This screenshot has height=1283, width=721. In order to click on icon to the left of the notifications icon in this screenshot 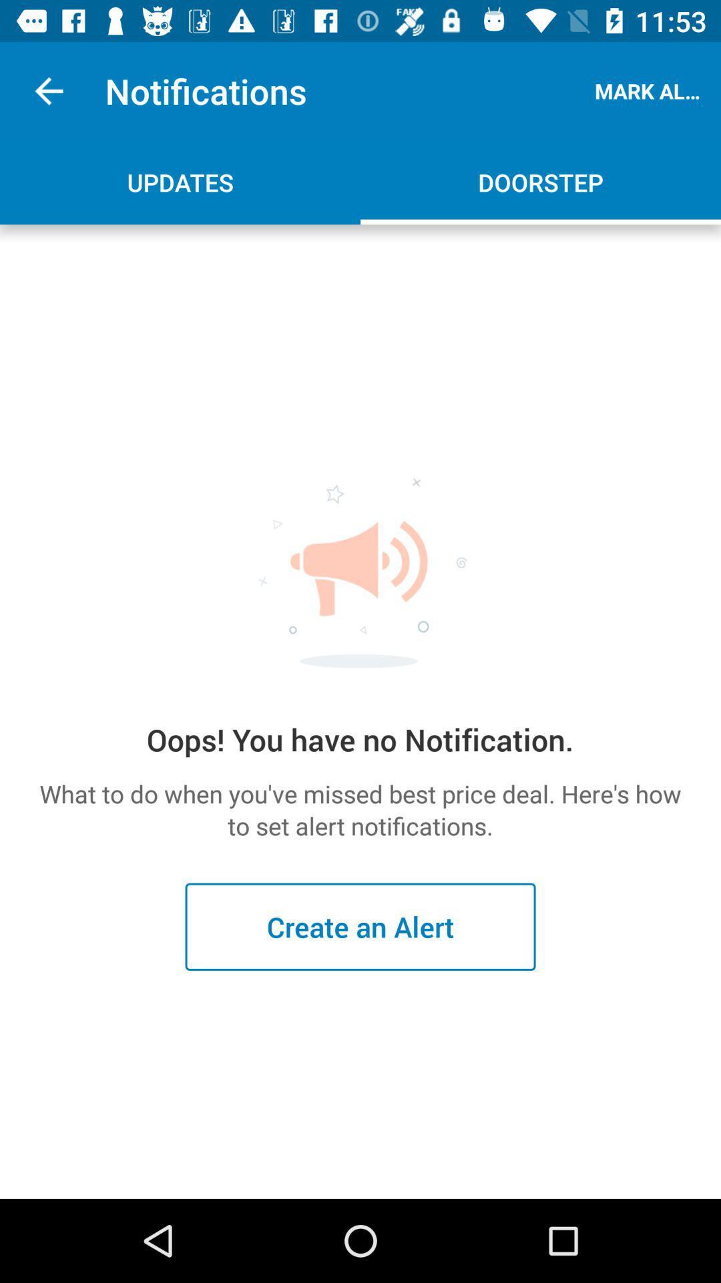, I will do `click(48, 90)`.